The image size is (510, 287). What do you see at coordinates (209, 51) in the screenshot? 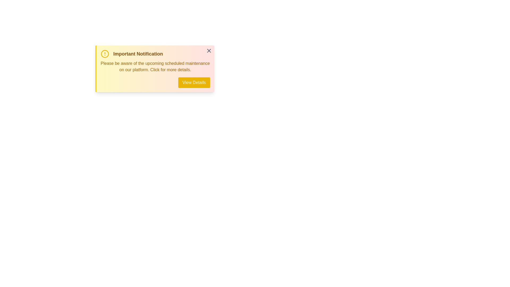
I see `the close button (X) to close the alert` at bounding box center [209, 51].